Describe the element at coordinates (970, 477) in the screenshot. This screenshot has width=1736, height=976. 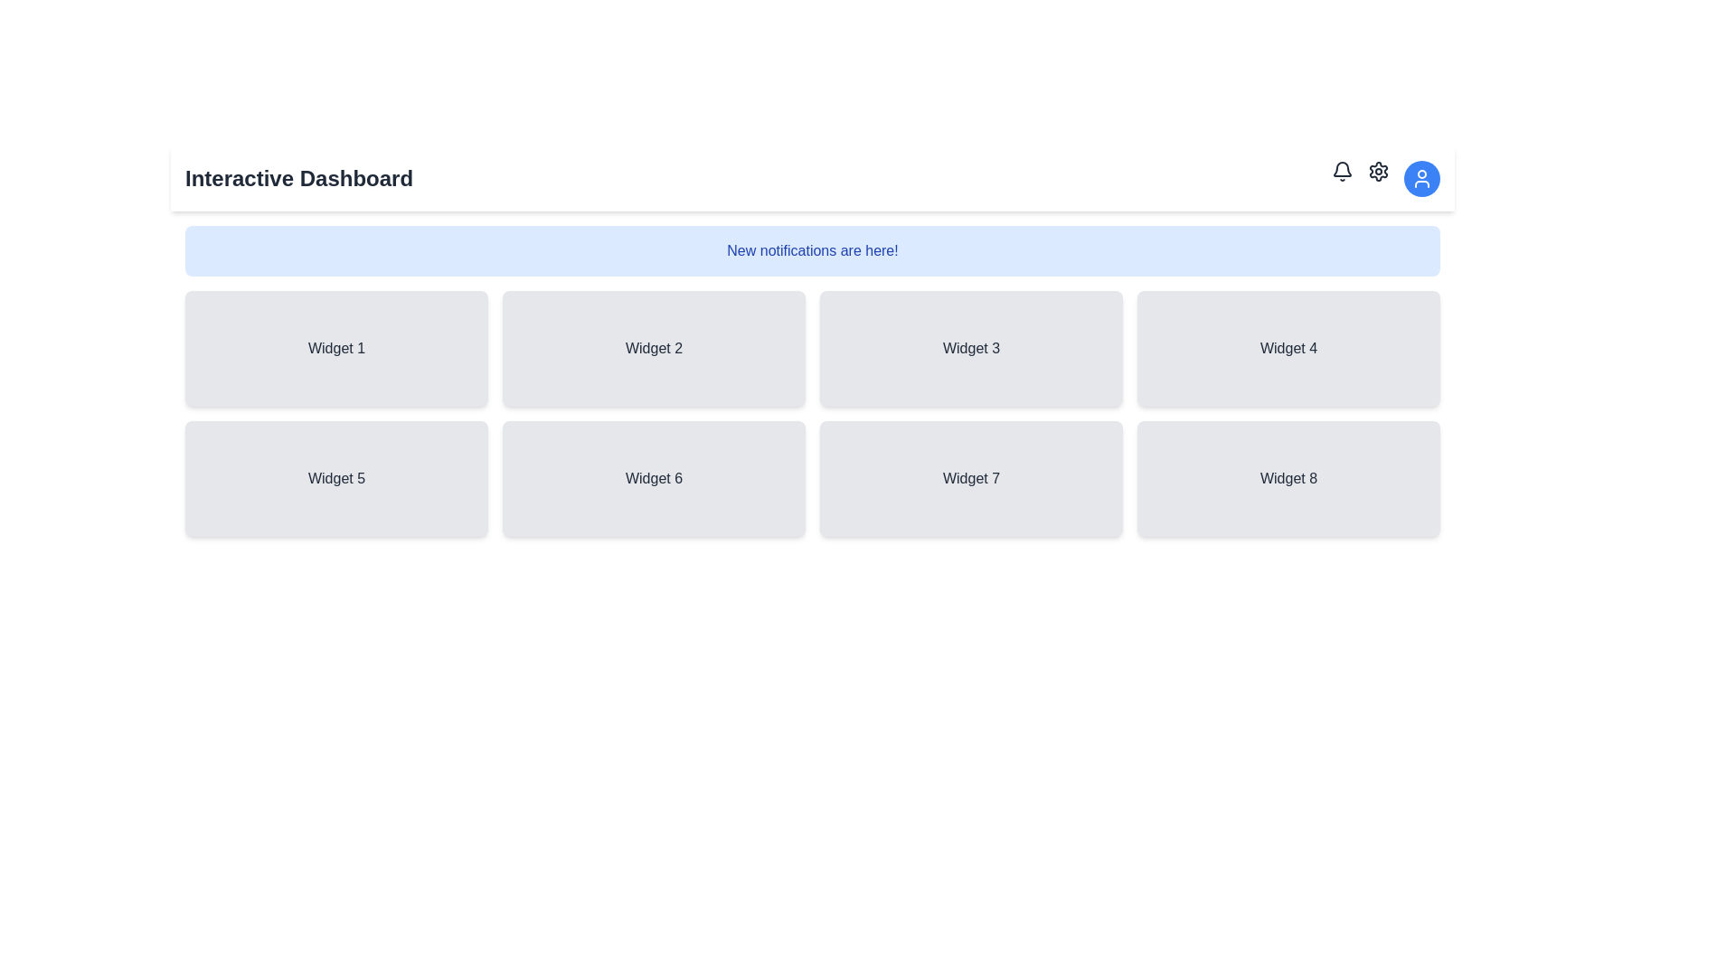
I see `the non-interactive informational component displaying the label 'Widget 7', positioned in the second row and third column of the grid` at that location.